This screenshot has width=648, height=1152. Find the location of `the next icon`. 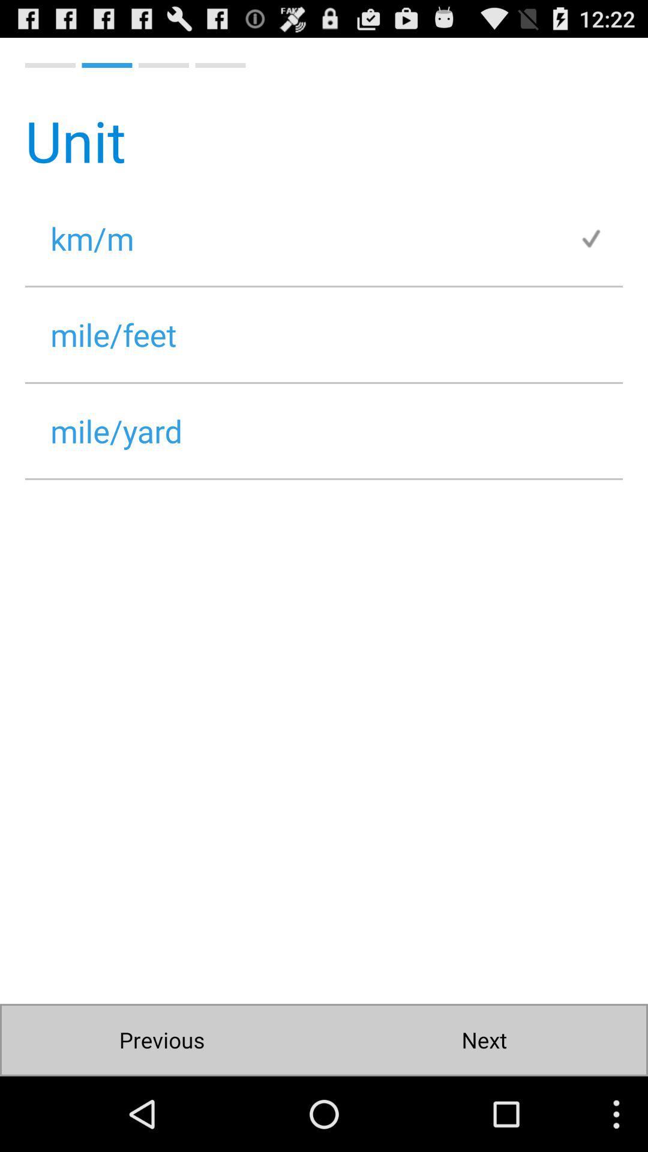

the next icon is located at coordinates (483, 1039).